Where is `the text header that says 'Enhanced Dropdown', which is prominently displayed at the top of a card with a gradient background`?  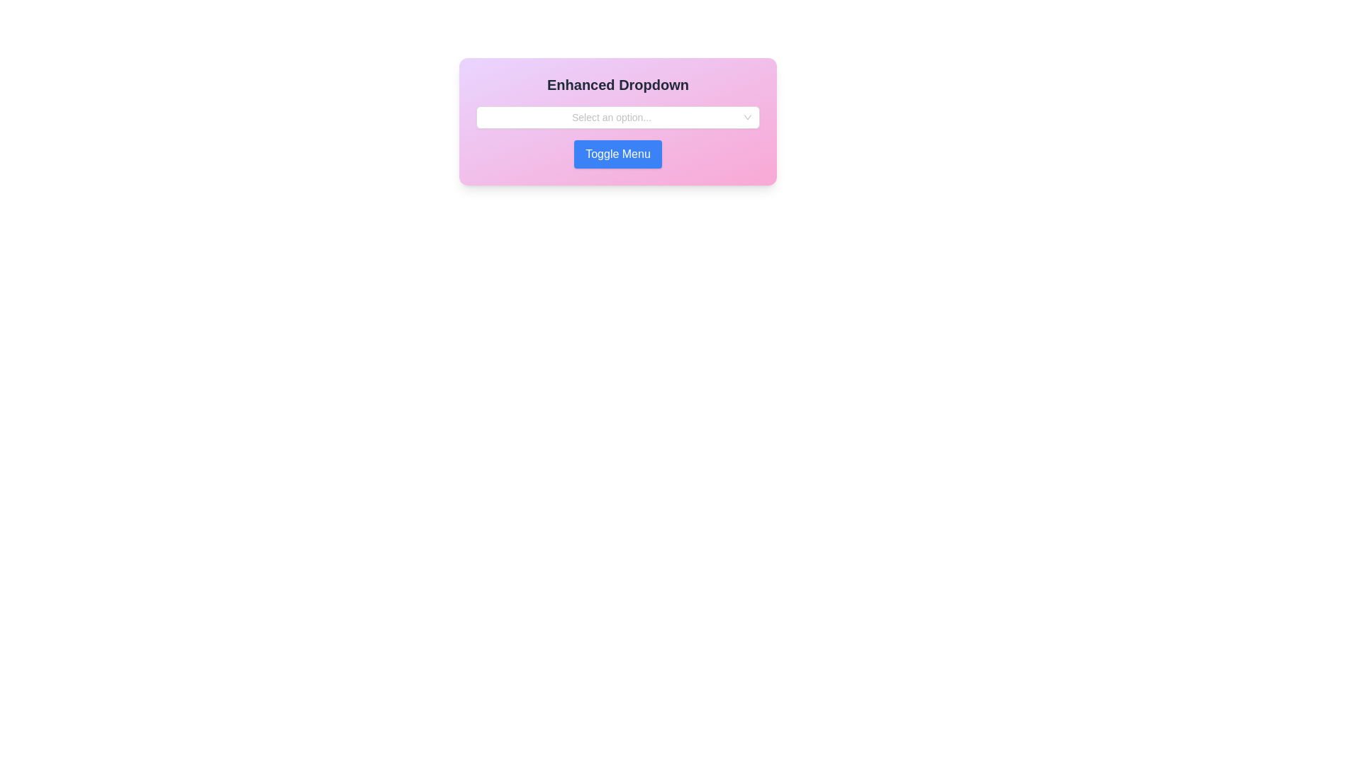
the text header that says 'Enhanced Dropdown', which is prominently displayed at the top of a card with a gradient background is located at coordinates (618, 84).